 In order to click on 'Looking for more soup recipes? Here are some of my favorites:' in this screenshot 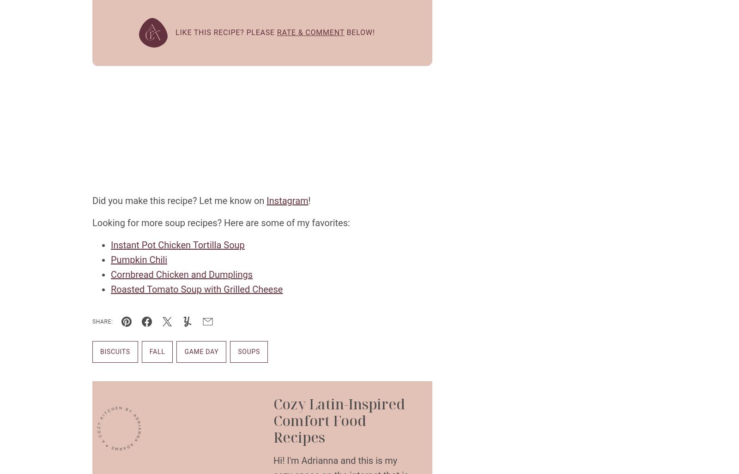, I will do `click(220, 222)`.